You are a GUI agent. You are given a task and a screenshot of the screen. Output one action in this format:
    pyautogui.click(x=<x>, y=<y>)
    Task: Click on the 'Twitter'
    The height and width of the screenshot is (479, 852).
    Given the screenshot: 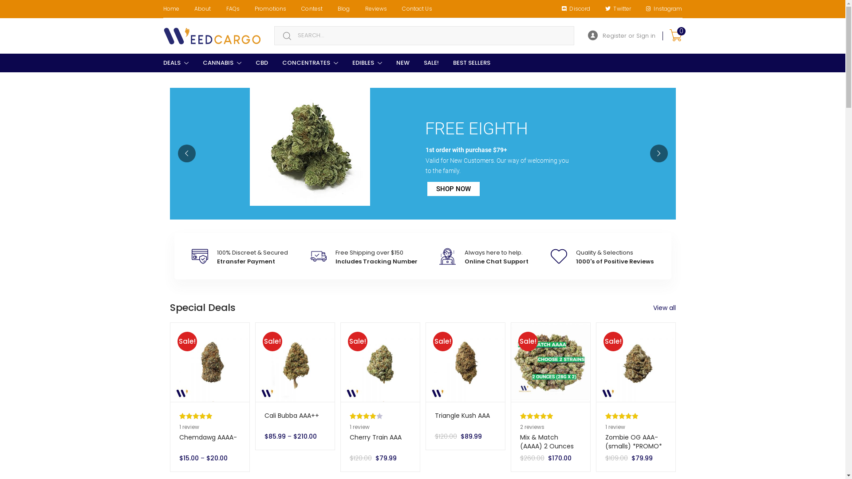 What is the action you would take?
    pyautogui.click(x=617, y=8)
    